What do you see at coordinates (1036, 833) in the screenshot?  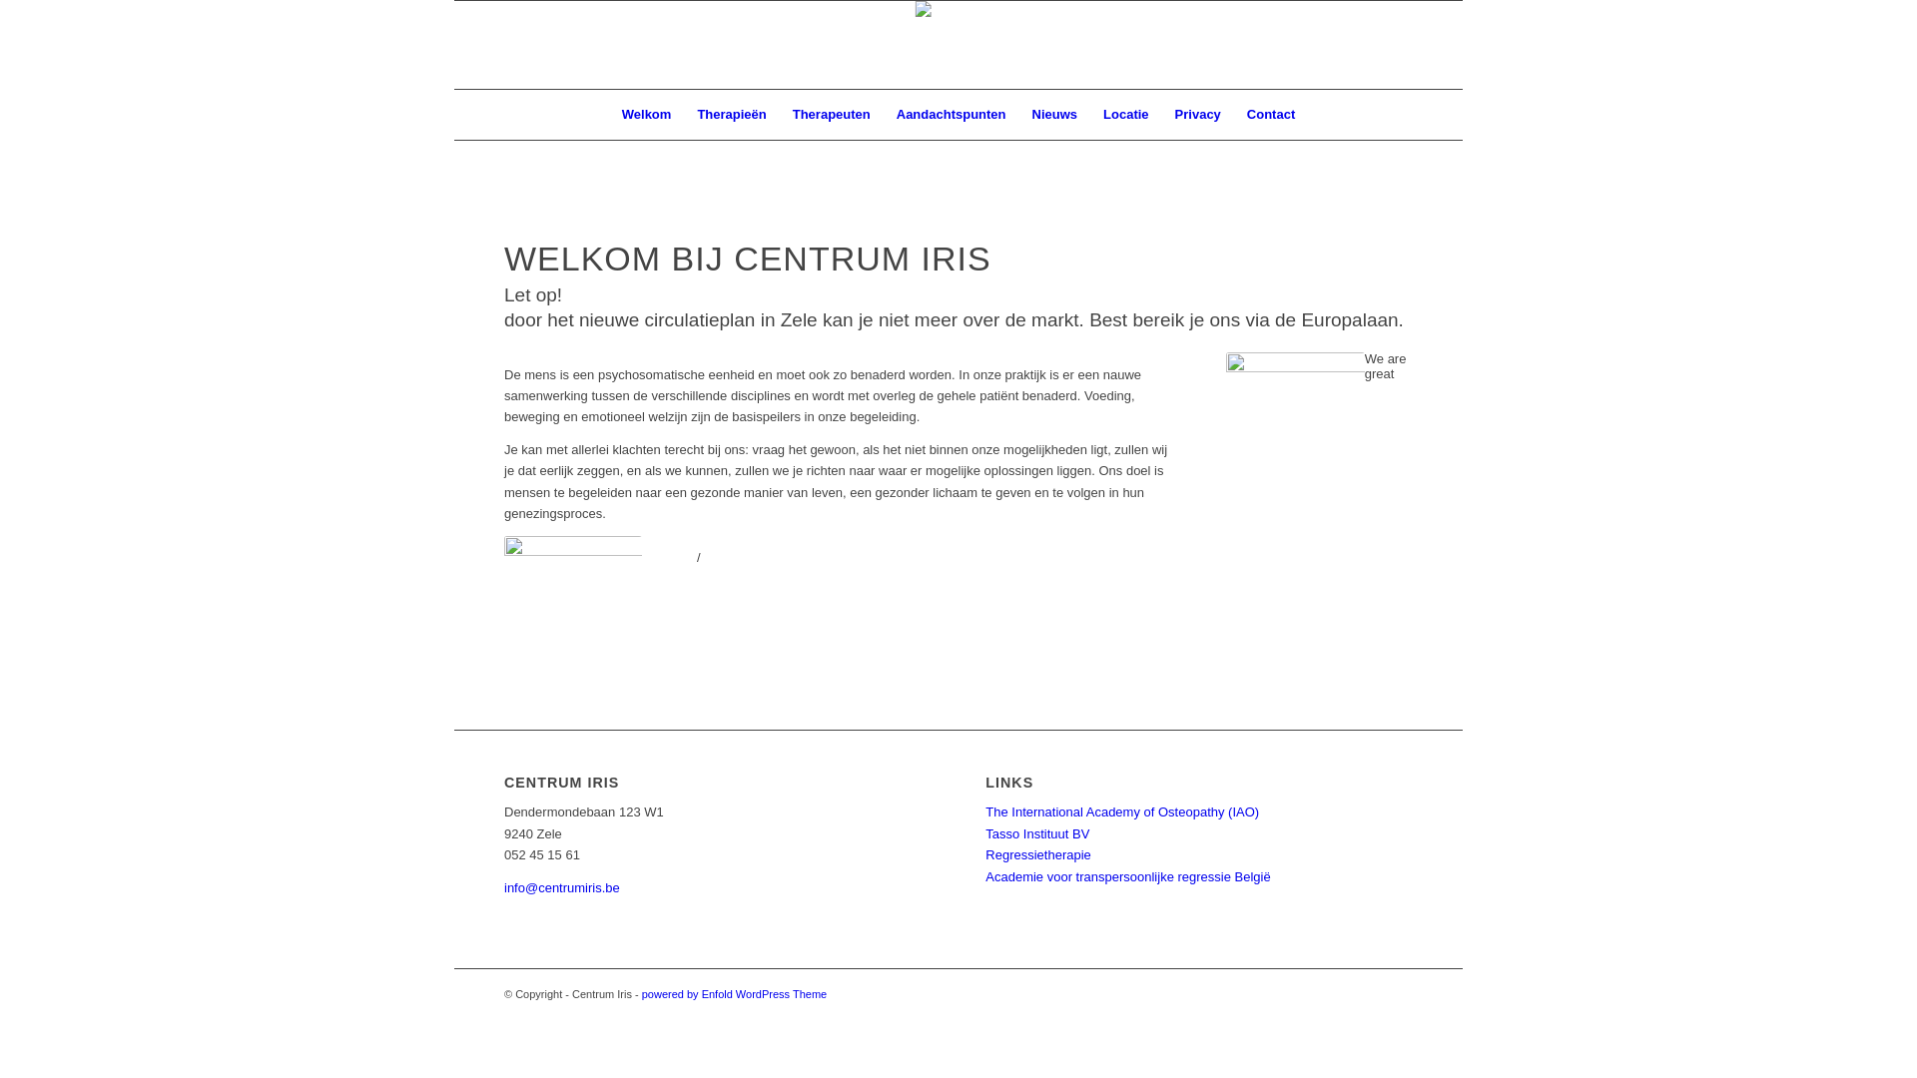 I see `'Tasso Instituut BV'` at bounding box center [1036, 833].